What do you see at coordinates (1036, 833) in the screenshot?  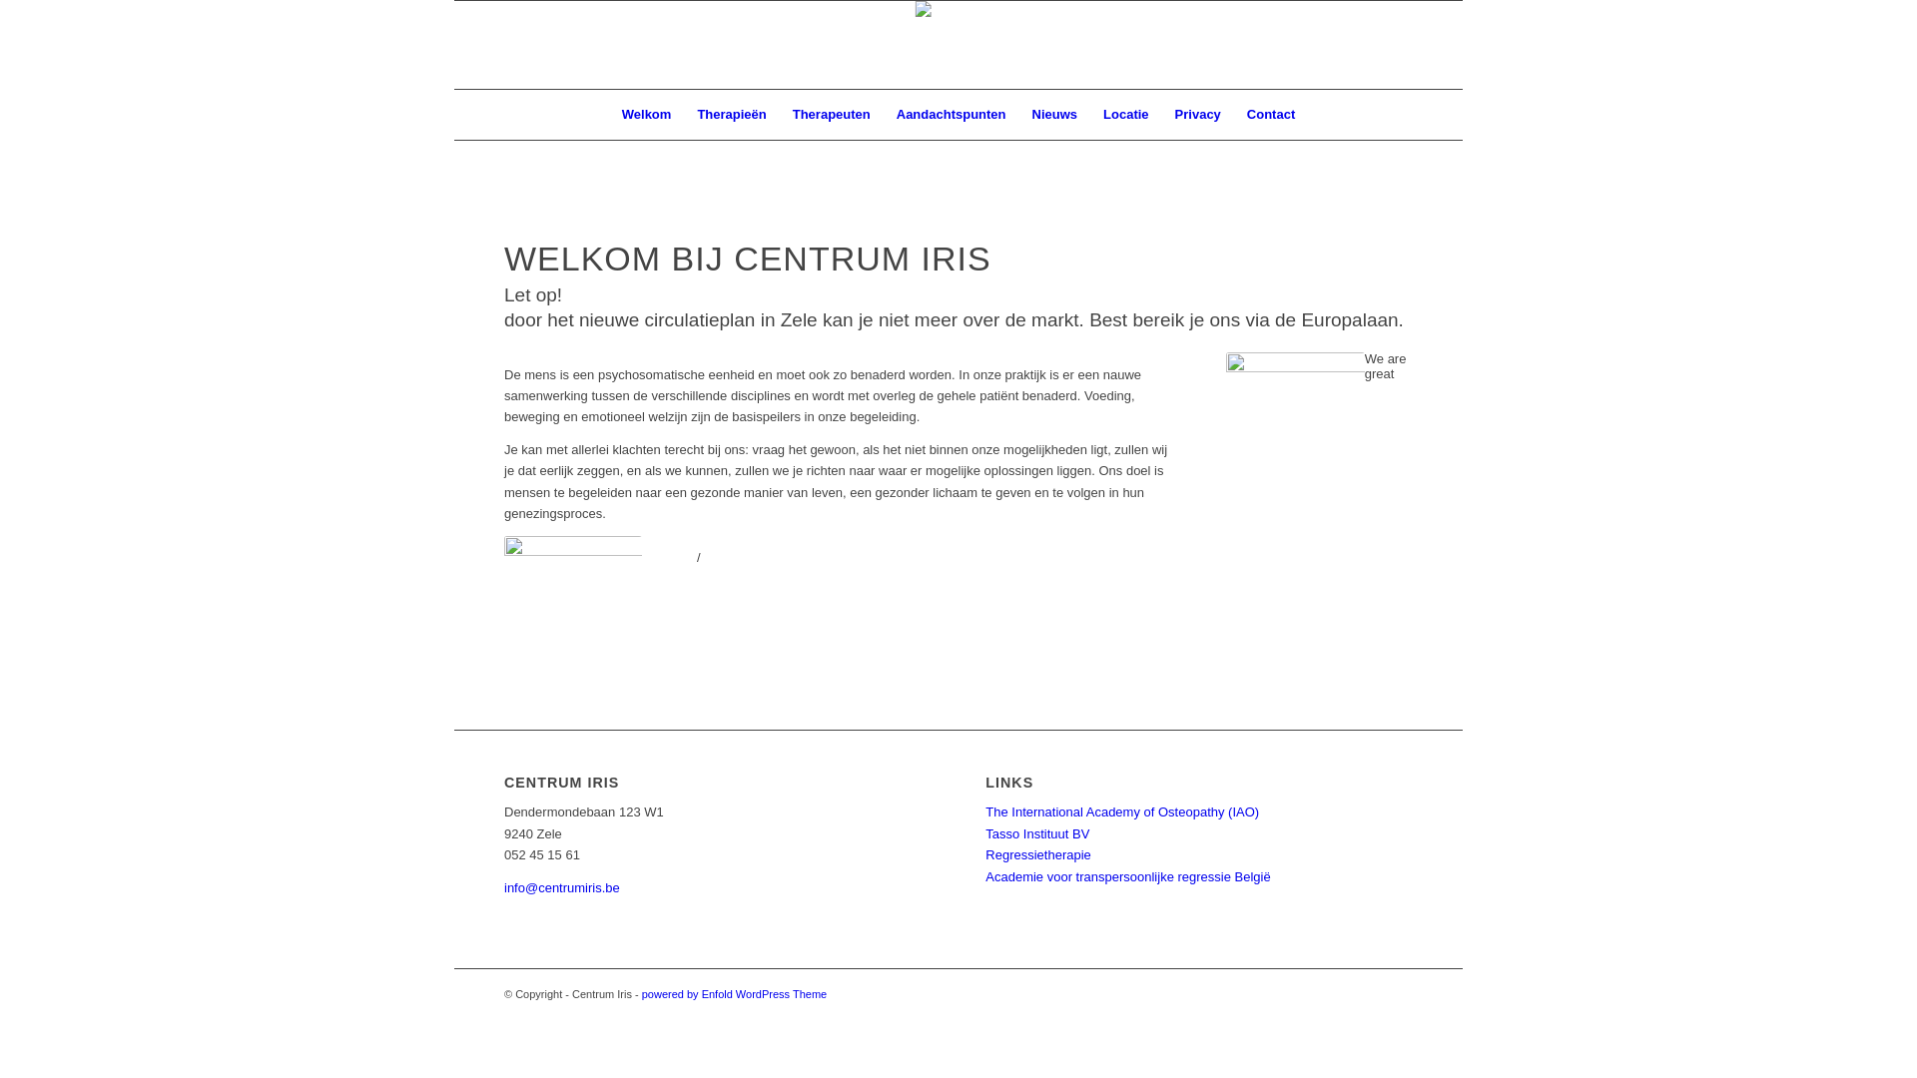 I see `'Tasso Instituut BV'` at bounding box center [1036, 833].